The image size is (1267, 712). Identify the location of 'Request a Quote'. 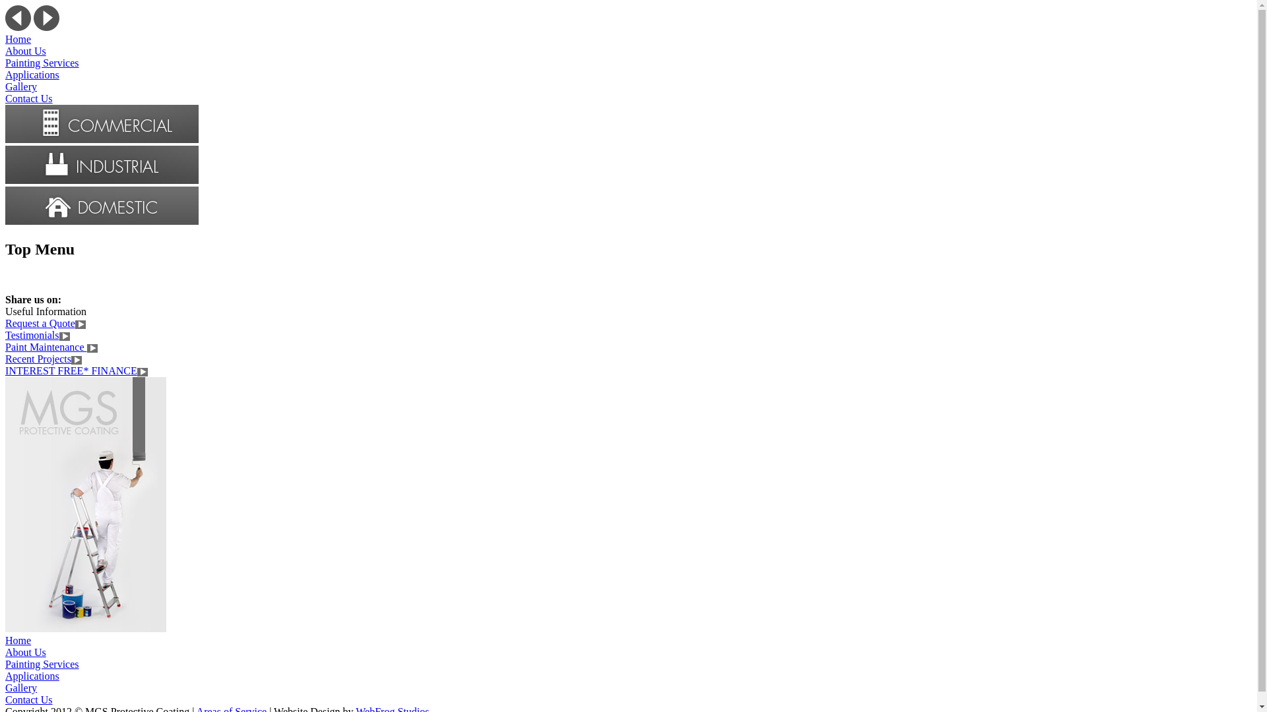
(40, 323).